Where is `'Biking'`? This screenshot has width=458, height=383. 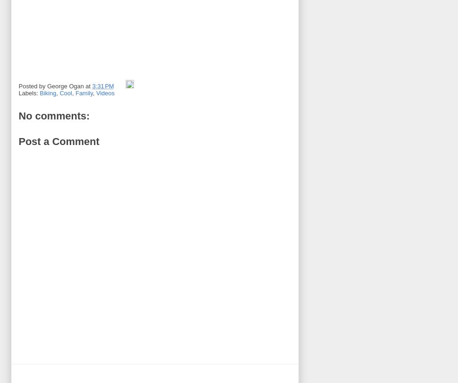 'Biking' is located at coordinates (47, 92).